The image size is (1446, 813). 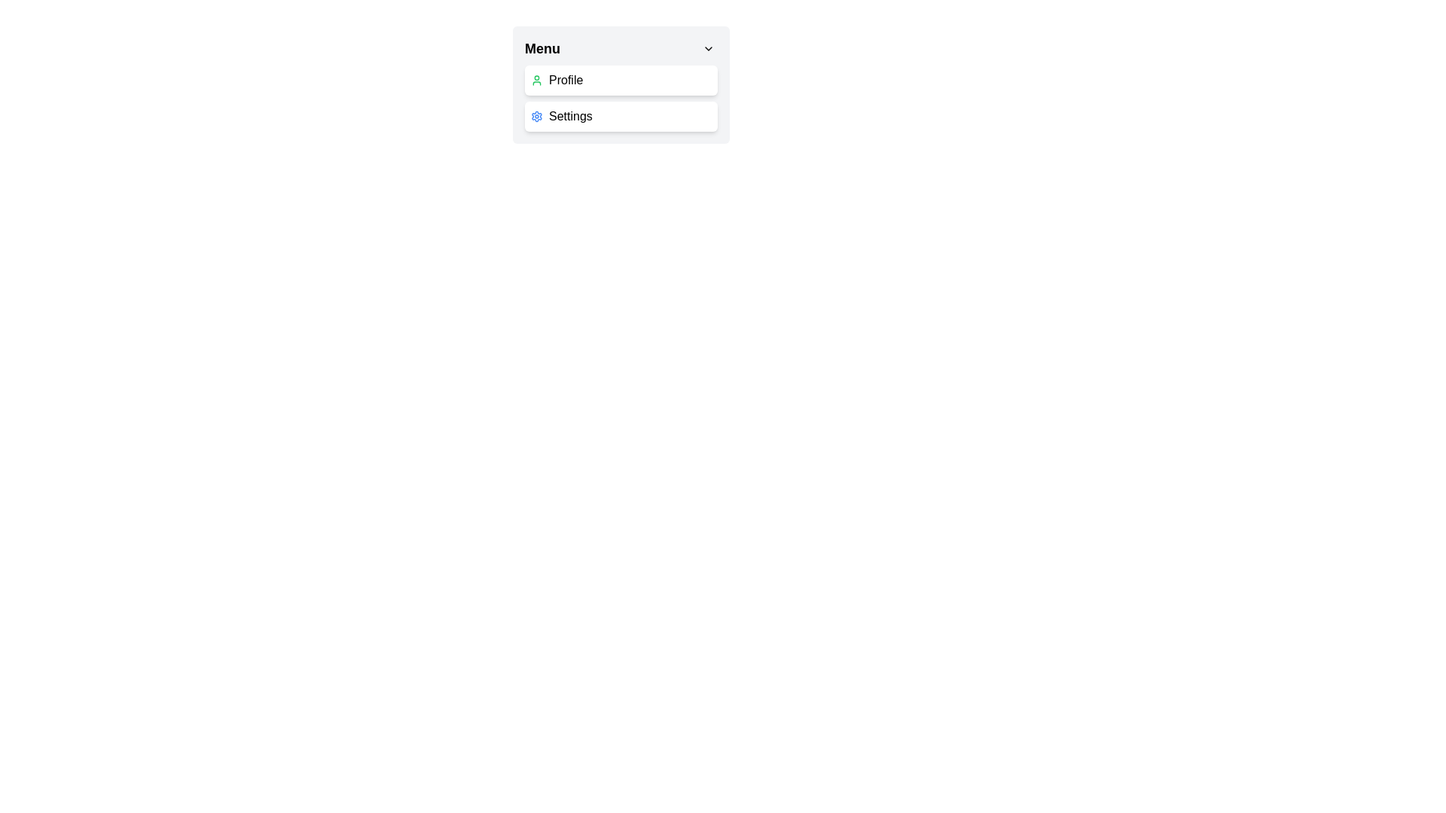 I want to click on the 'Settings' icon, which is located to the left of the 'Settings' menu item text, so click(x=537, y=115).